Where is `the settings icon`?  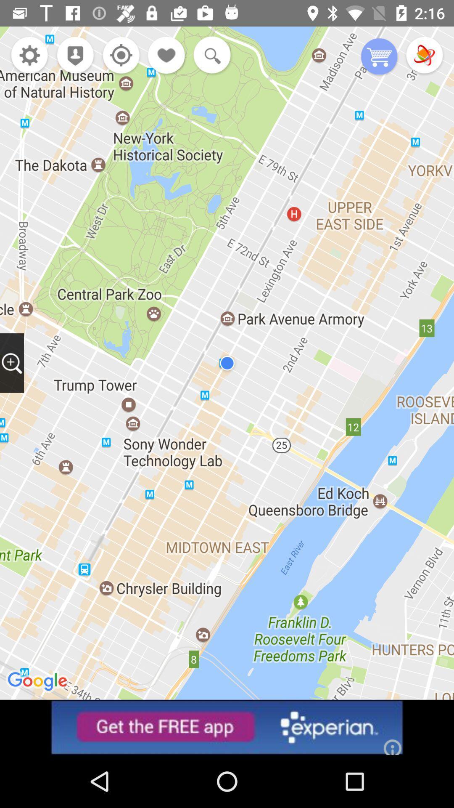
the settings icon is located at coordinates (29, 56).